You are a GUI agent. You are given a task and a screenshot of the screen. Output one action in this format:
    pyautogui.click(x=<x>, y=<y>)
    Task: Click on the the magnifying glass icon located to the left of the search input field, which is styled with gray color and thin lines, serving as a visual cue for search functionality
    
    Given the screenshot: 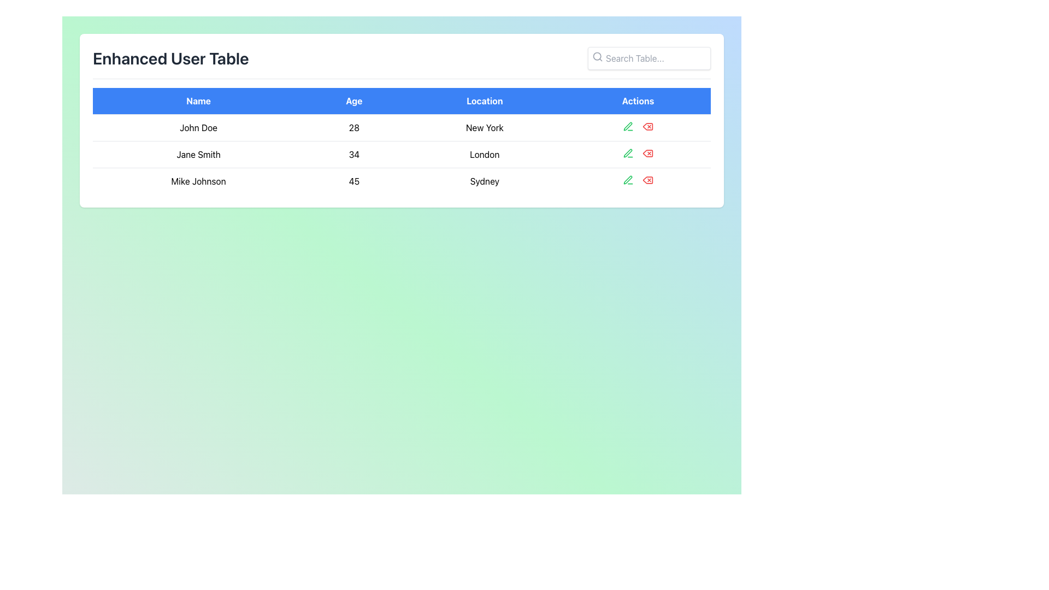 What is the action you would take?
    pyautogui.click(x=597, y=57)
    